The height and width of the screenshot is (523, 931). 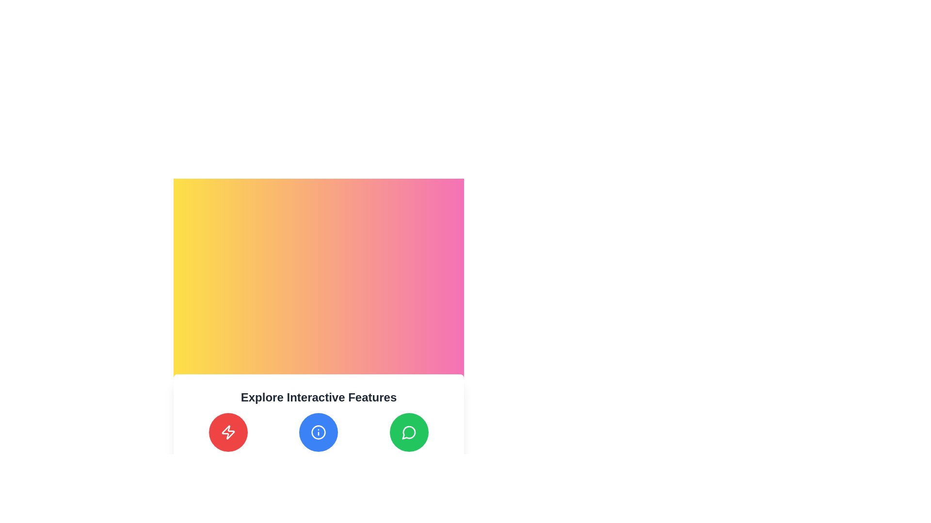 What do you see at coordinates (228, 432) in the screenshot?
I see `the first button in the three-column grid at the bottom of the section` at bounding box center [228, 432].